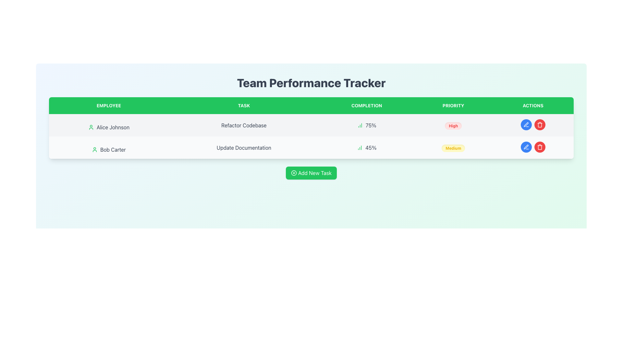 Image resolution: width=623 pixels, height=350 pixels. What do you see at coordinates (109, 105) in the screenshot?
I see `text from the header cell labeled 'Employee', which is the first cell in the top-left corner of the header row in a table layout` at bounding box center [109, 105].